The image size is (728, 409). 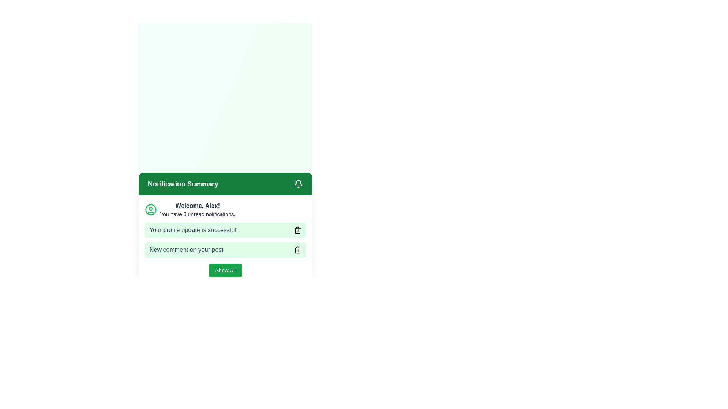 I want to click on the static text element displaying 'New comment on your post.' styled in gray, which is part of a notification component, so click(x=187, y=250).